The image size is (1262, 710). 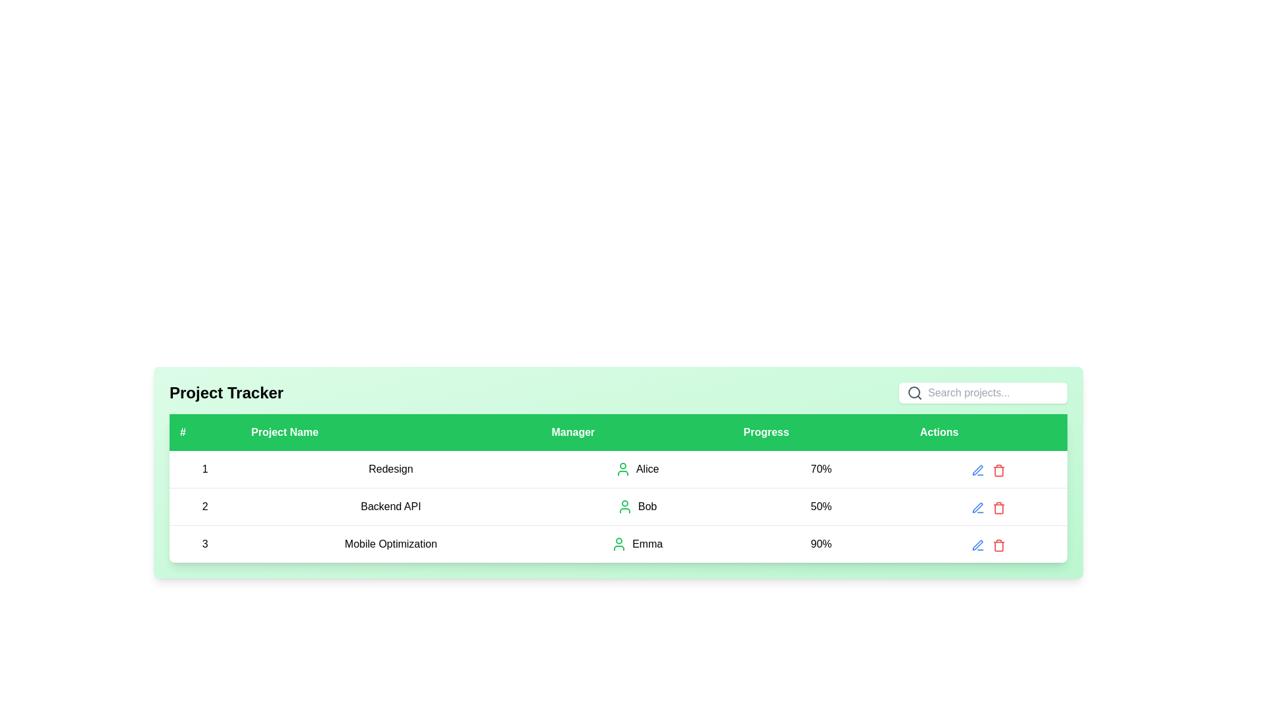 I want to click on the Text Label displaying the progress percentage for the project 'Redesign' managed by 'Alice', which is located in the fourth column titled 'Progress' of the first data row, so click(x=820, y=469).